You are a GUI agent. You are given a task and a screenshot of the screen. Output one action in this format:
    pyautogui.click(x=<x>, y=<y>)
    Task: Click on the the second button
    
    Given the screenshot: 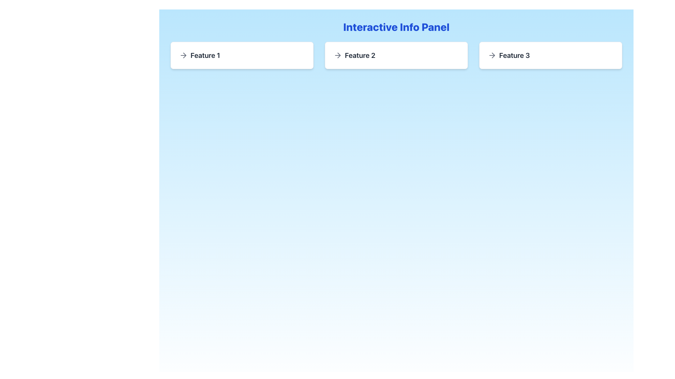 What is the action you would take?
    pyautogui.click(x=396, y=55)
    